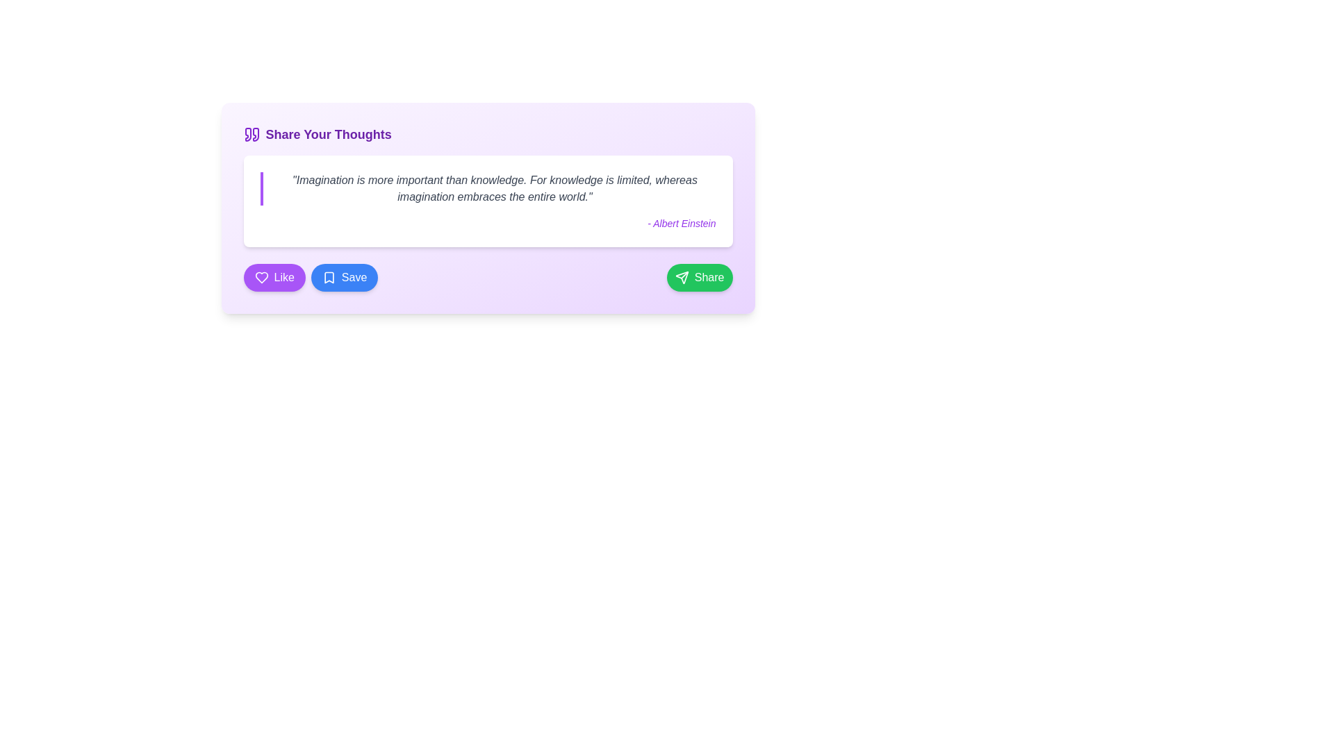 This screenshot has height=750, width=1334. I want to click on the text label displaying 'Share Your Thoughts', which is styled in a bold, large purple font and located in the upper-left portion of the card-like component, so click(328, 134).